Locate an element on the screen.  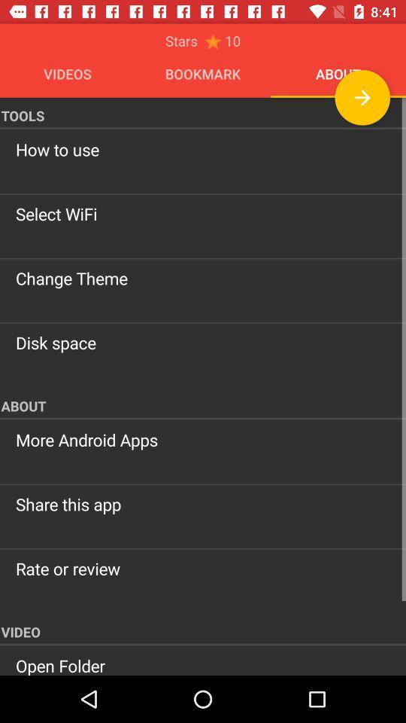
the icon above the disk space item is located at coordinates (203, 277).